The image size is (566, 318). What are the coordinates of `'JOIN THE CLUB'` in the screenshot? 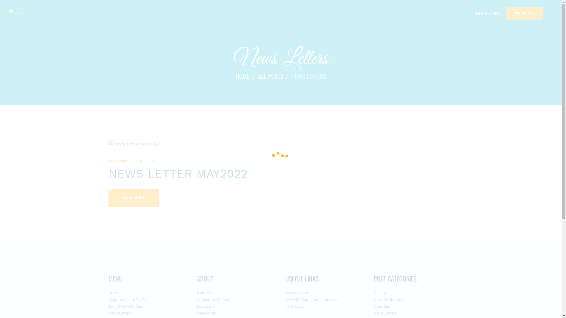 It's located at (525, 13).